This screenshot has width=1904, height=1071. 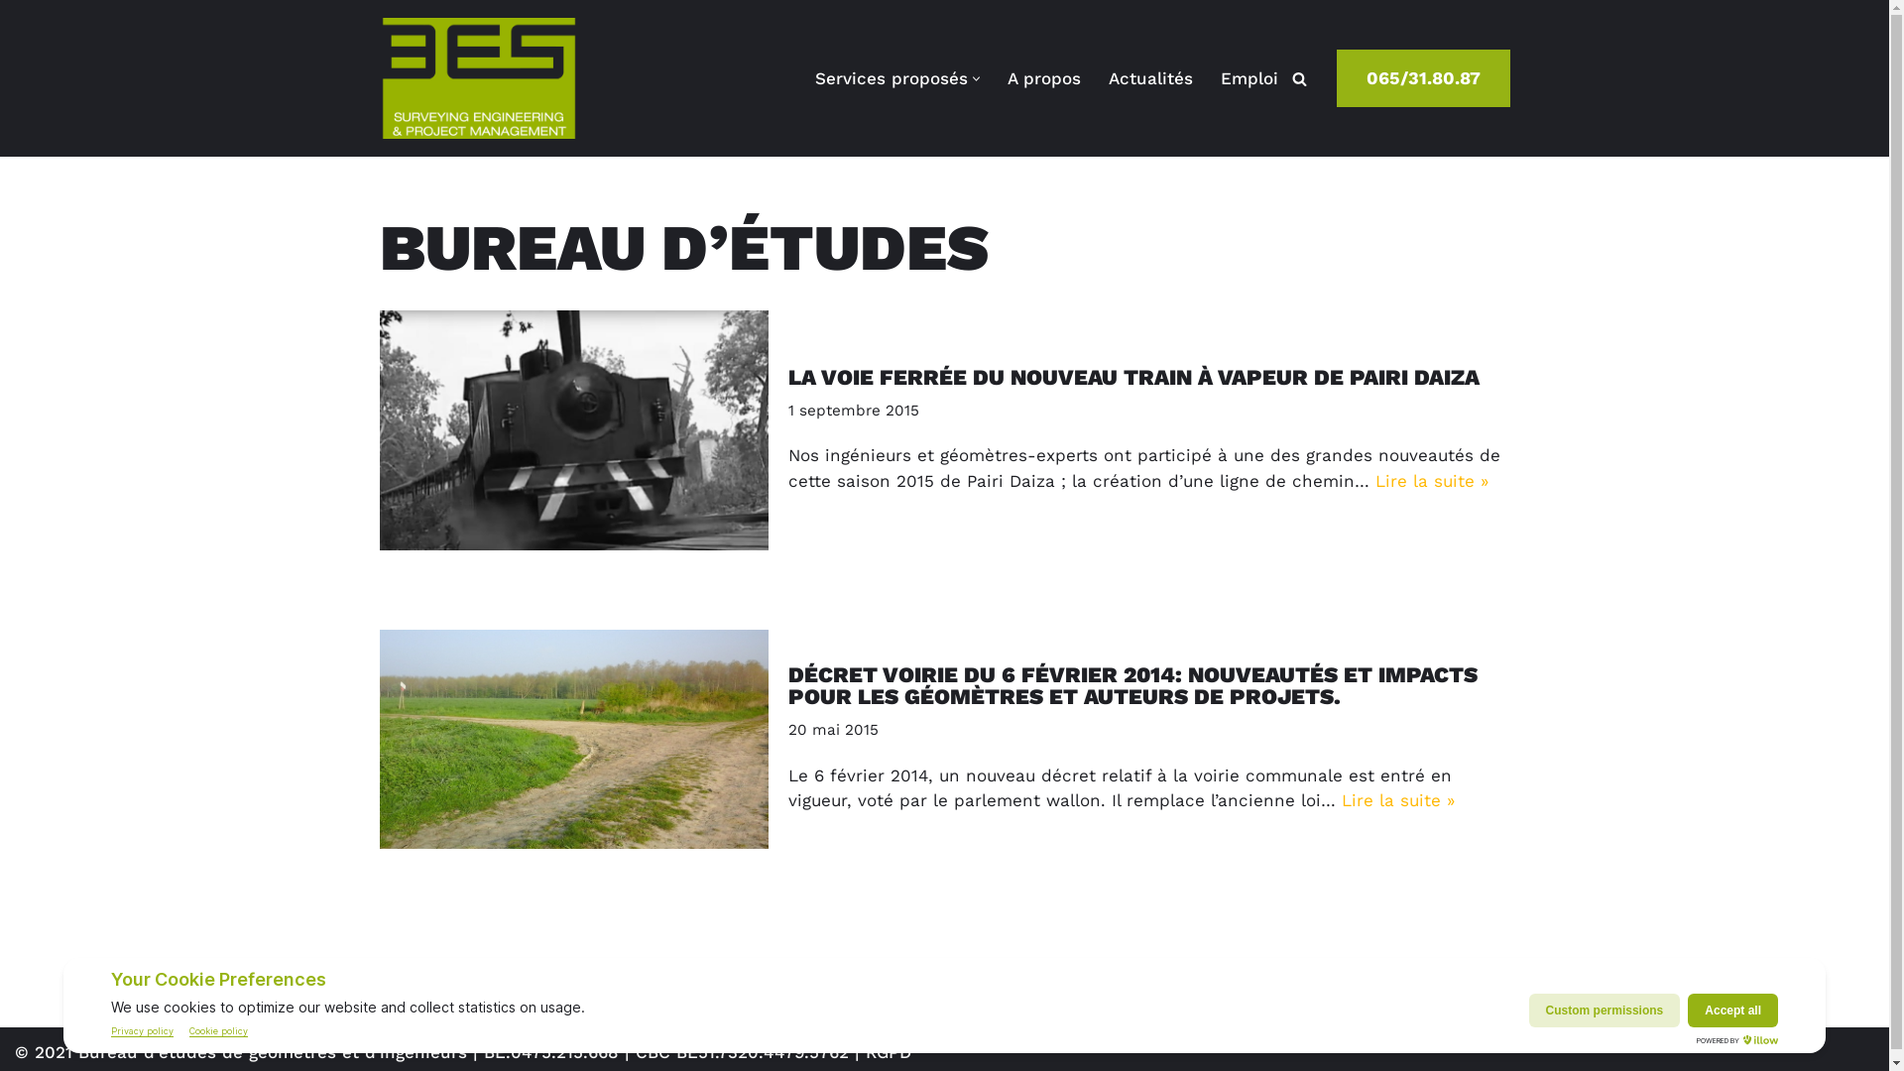 I want to click on 'A propos', so click(x=1042, y=76).